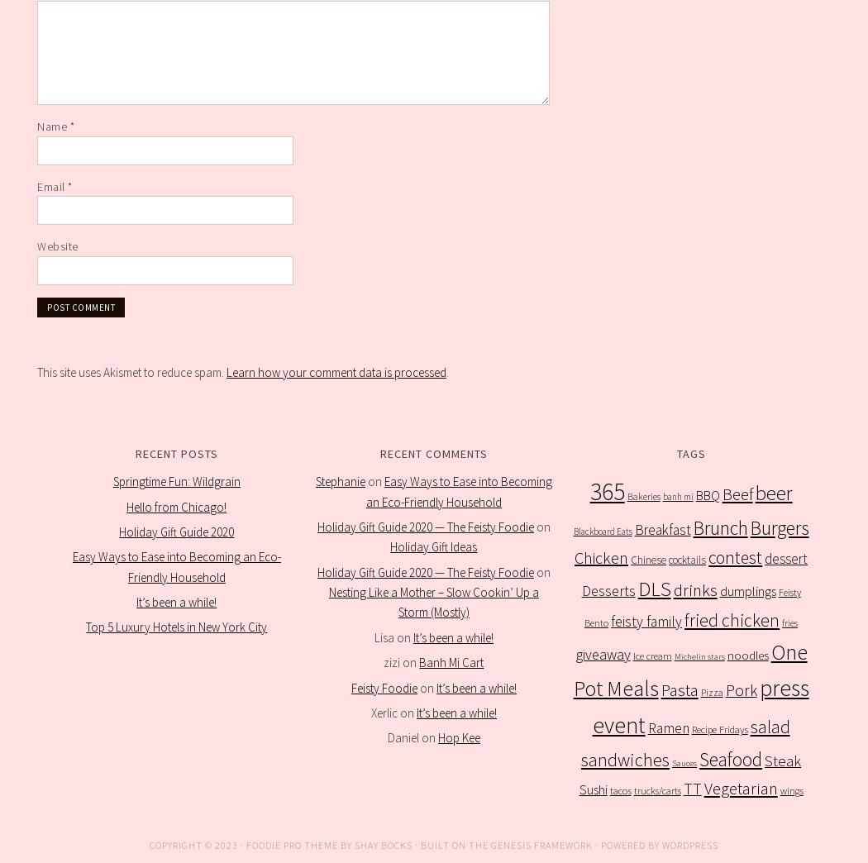 Image resolution: width=868 pixels, height=863 pixels. I want to click on 'giveaway', so click(574, 652).